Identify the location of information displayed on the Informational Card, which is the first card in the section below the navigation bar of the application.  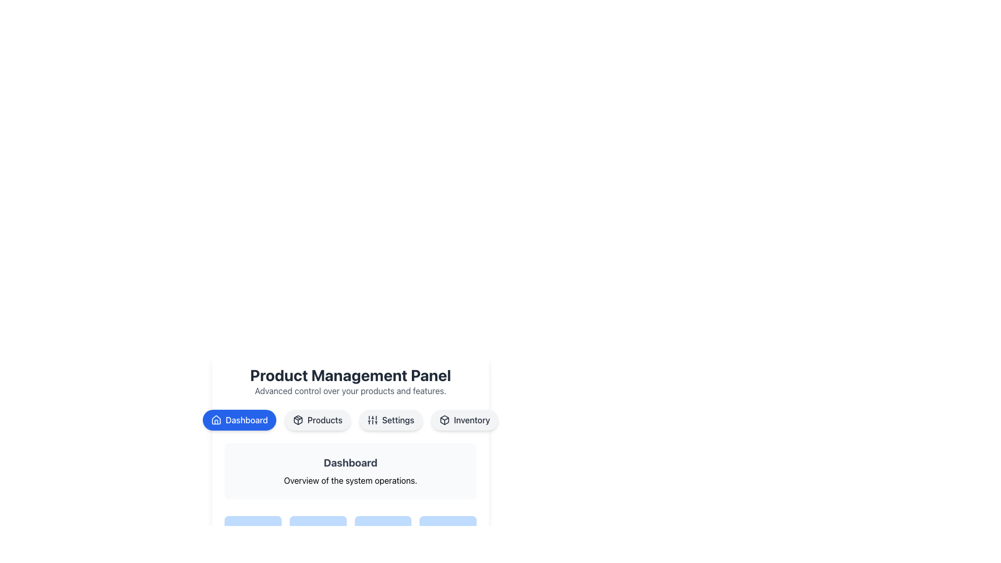
(350, 471).